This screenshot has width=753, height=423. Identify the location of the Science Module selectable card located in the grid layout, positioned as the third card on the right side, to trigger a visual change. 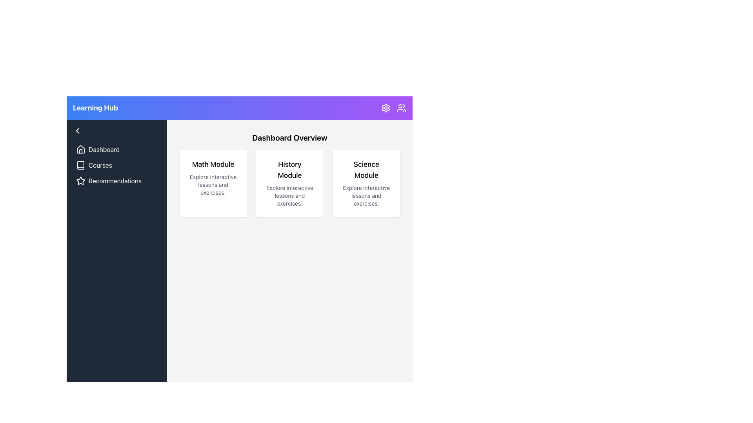
(366, 183).